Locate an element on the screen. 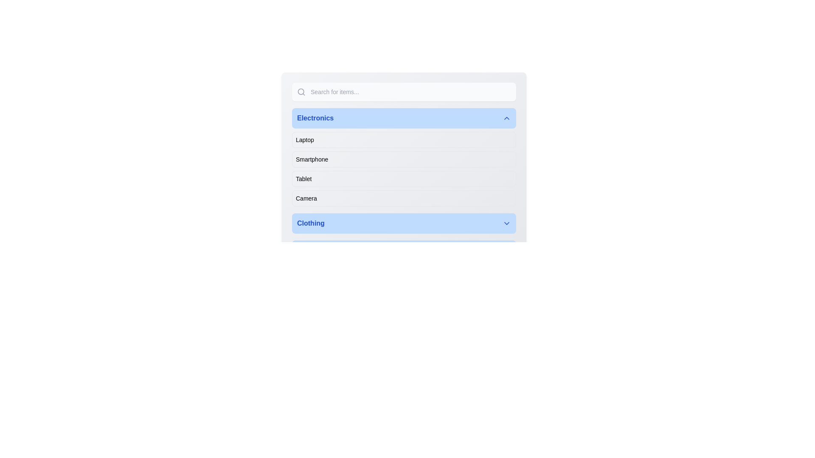 This screenshot has height=458, width=815. the 'Smartphone' category text label within the selectable list item in the 'Electronics' section for keyboard navigation is located at coordinates (312, 159).